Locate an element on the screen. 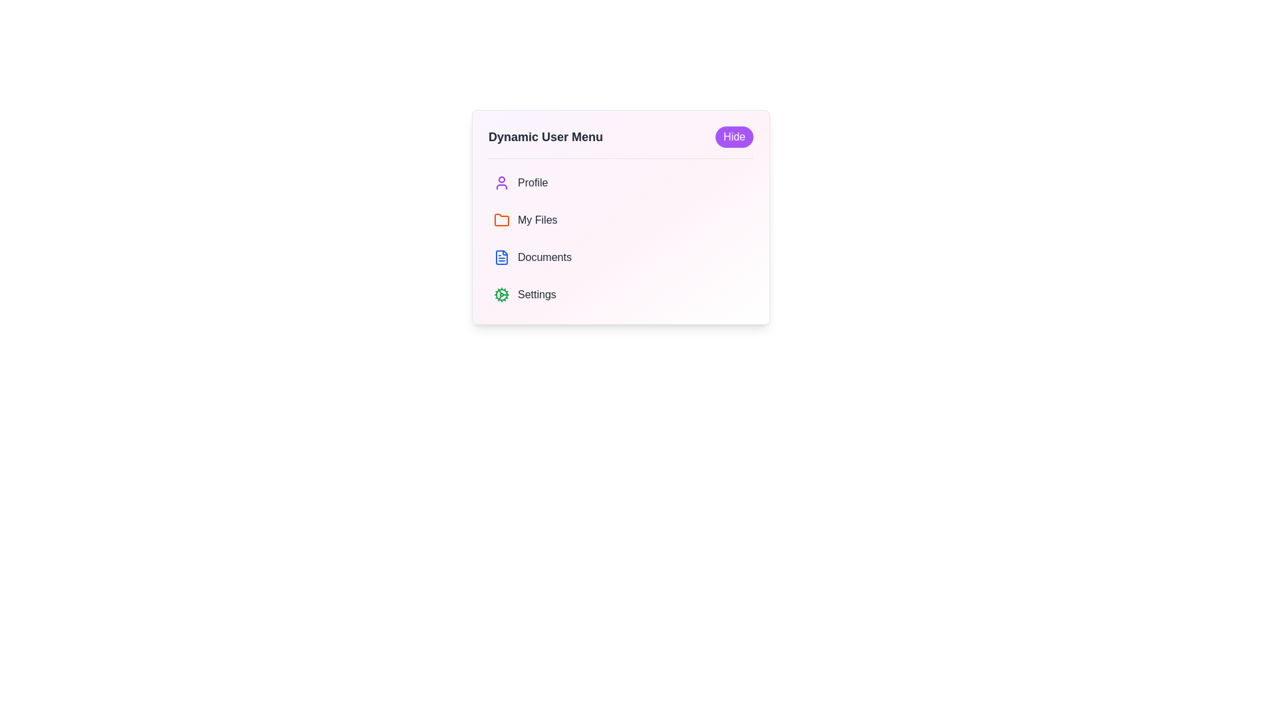  the profile button located at the top of the 'Dynamic User Menu' which leads to the user's profile section is located at coordinates (620, 182).